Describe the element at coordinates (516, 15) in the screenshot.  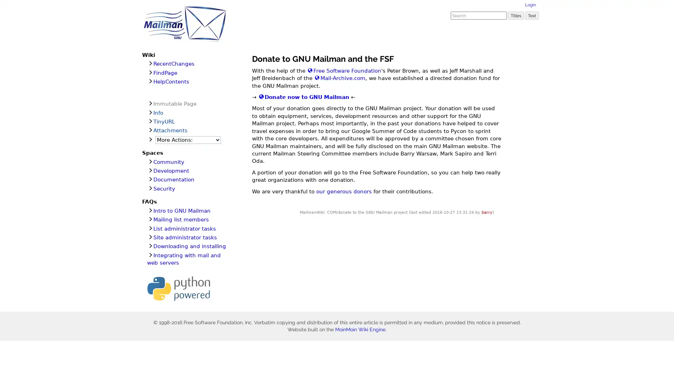
I see `Titles` at that location.